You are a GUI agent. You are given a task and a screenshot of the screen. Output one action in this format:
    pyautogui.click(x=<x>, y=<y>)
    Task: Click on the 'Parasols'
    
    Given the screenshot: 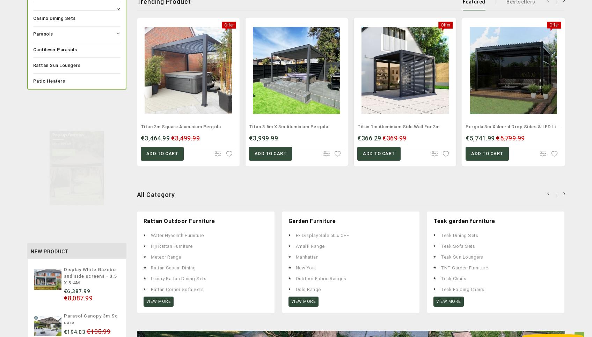 What is the action you would take?
    pyautogui.click(x=42, y=33)
    